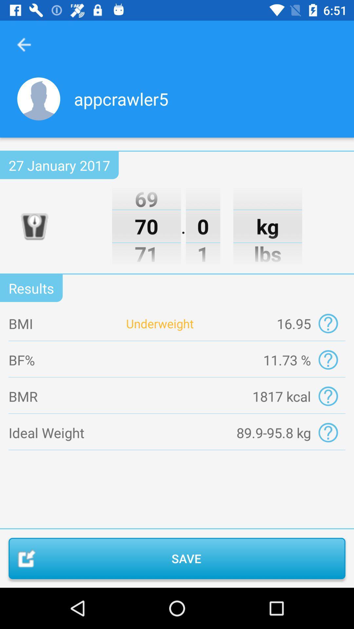 The width and height of the screenshot is (354, 629). I want to click on request information, so click(328, 396).